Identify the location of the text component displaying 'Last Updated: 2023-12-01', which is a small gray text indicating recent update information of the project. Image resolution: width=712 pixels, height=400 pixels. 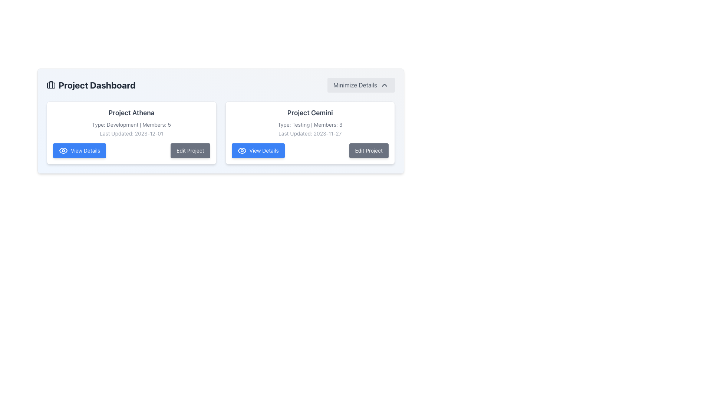
(131, 134).